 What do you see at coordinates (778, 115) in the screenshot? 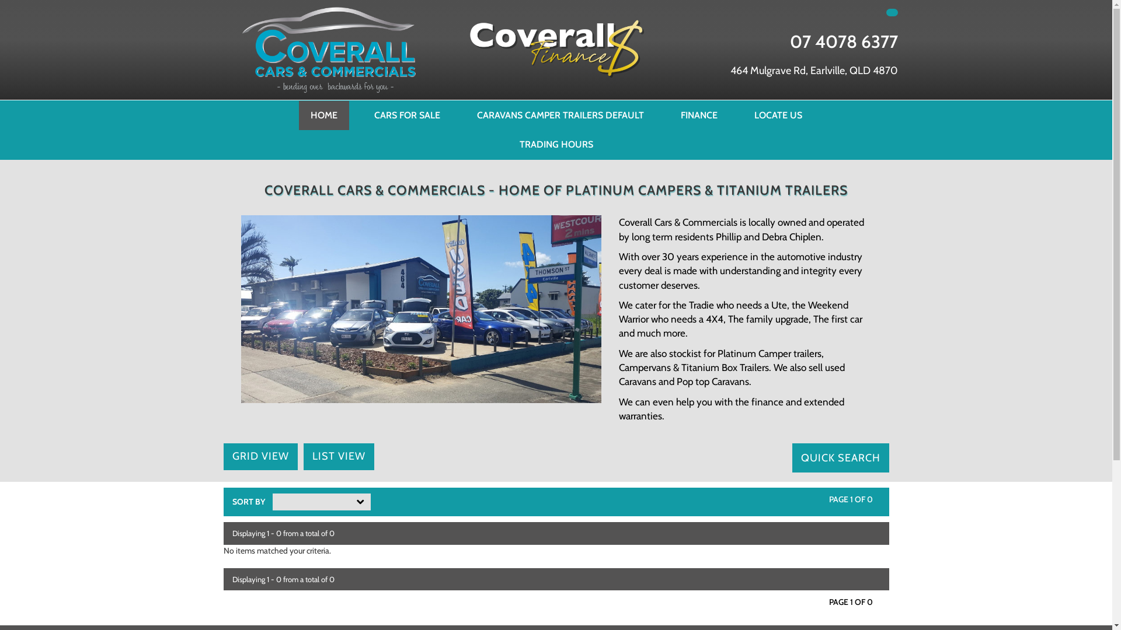
I see `'LOCATE US'` at bounding box center [778, 115].